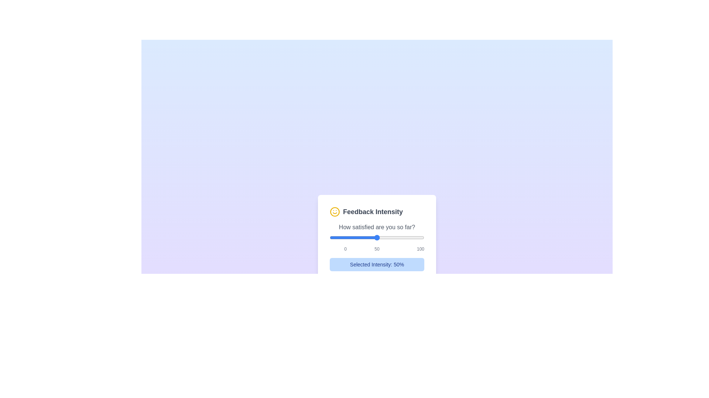  I want to click on the slider to set the satisfaction value to 6, so click(335, 237).